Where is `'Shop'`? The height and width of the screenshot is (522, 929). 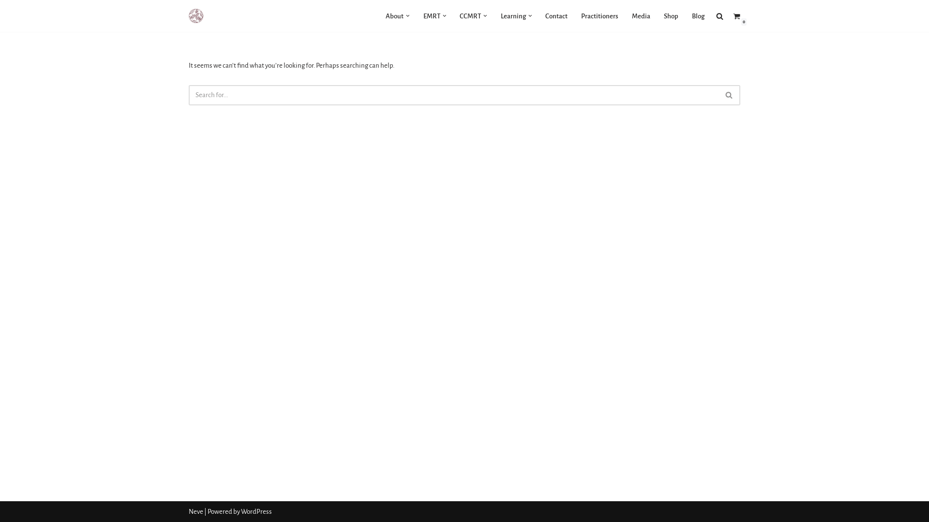 'Shop' is located at coordinates (671, 15).